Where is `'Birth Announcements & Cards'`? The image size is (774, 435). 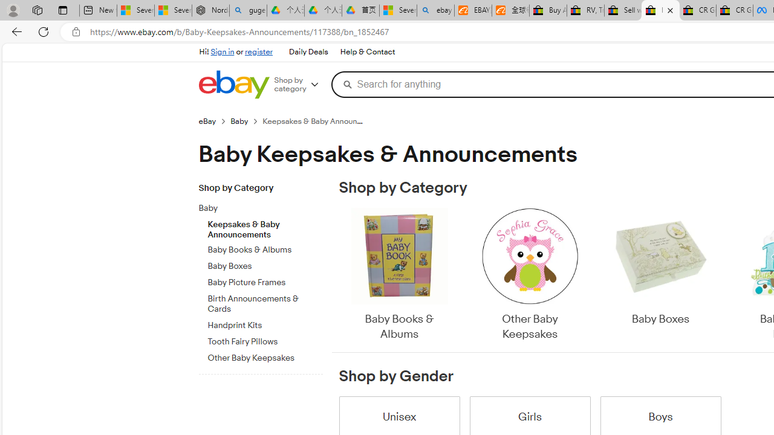
'Birth Announcements & Cards' is located at coordinates (264, 301).